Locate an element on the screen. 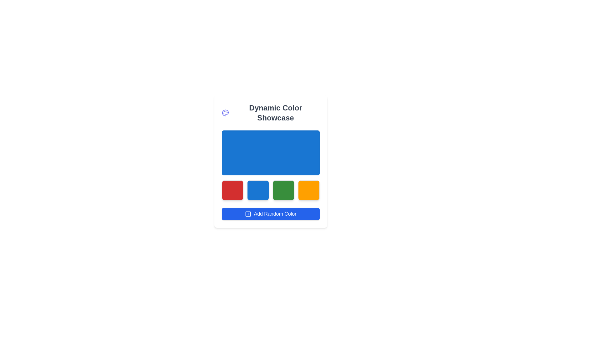 The height and width of the screenshot is (337, 600). the blue rectangular button with rounded corners, located is located at coordinates (258, 190).